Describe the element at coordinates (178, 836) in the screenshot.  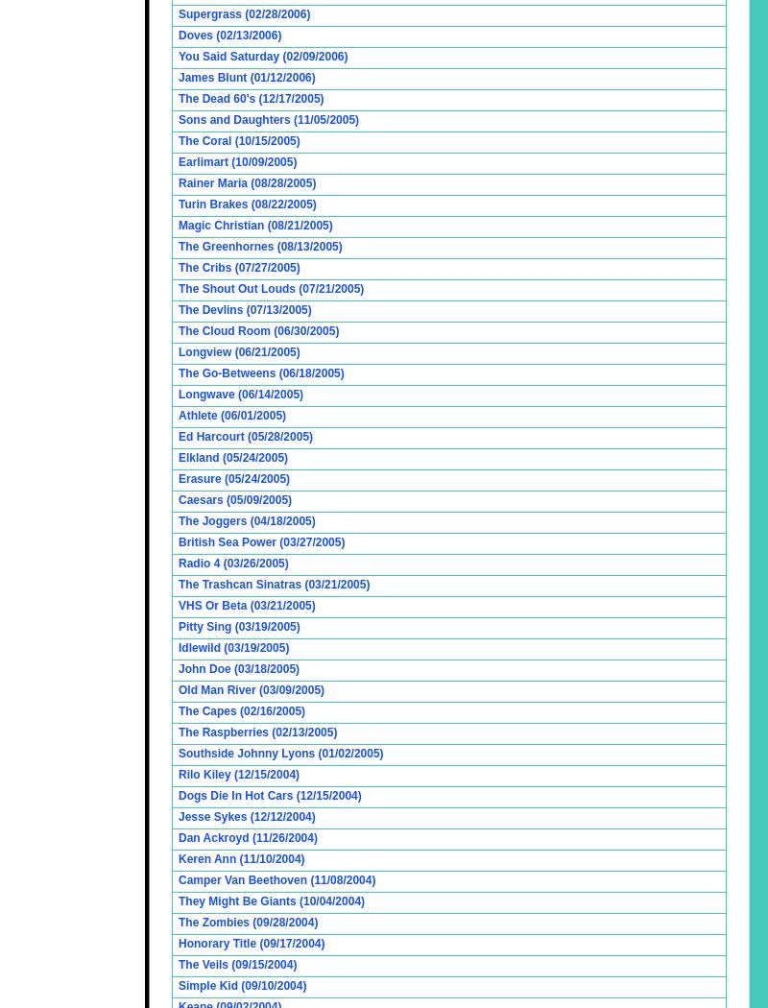
I see `'Dan Ackroyd (11/26/2004)'` at that location.